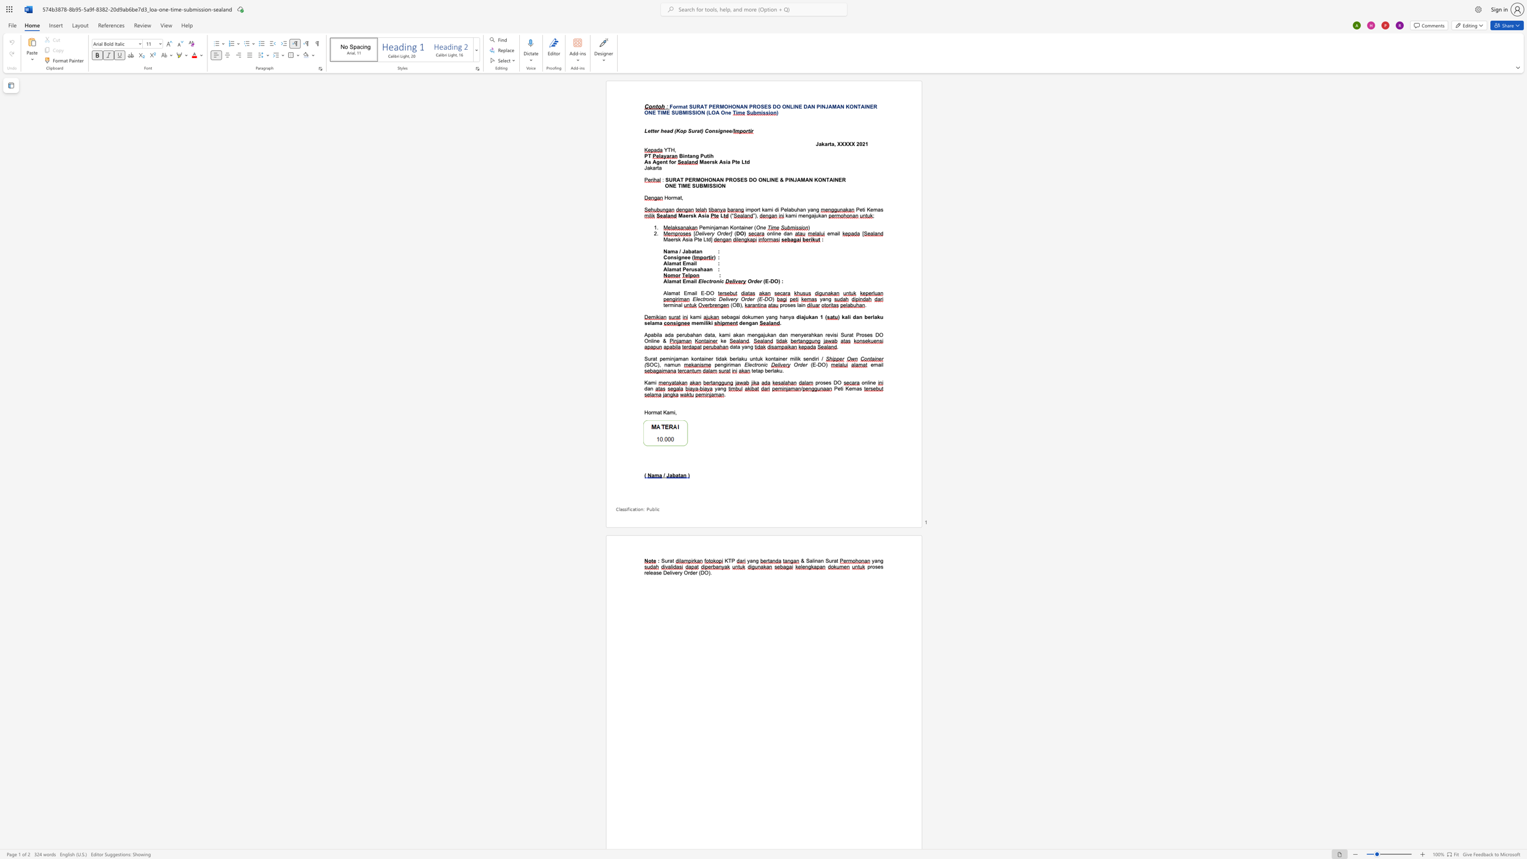  What do you see at coordinates (745, 299) in the screenshot?
I see `the subset text "rder (E-DO" within the text "Electronic Delivery Order (E-DO"` at bounding box center [745, 299].